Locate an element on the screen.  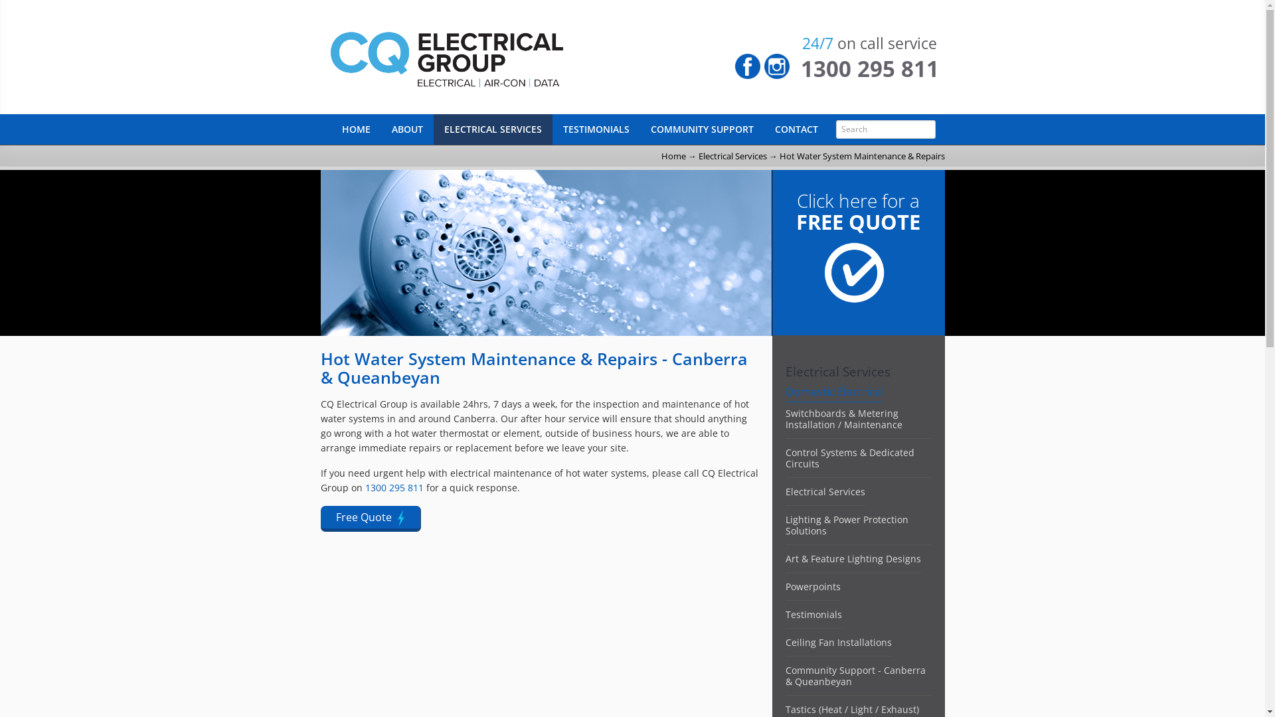
'Testimonials' is located at coordinates (812, 614).